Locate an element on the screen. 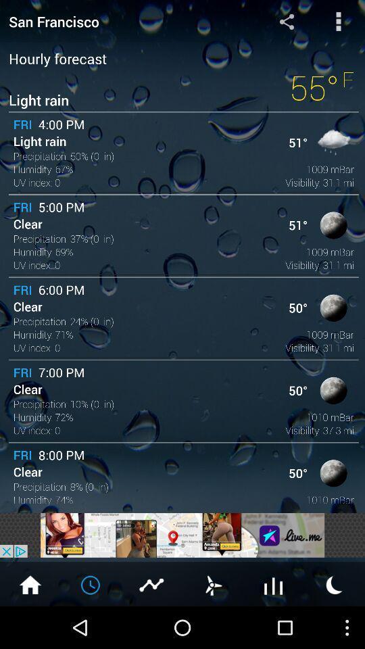  hourly weather is located at coordinates (91, 583).